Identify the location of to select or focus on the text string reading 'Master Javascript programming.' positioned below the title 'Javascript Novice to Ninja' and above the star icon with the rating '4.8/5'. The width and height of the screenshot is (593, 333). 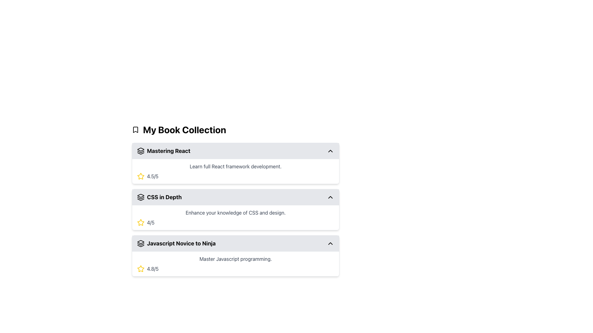
(235, 259).